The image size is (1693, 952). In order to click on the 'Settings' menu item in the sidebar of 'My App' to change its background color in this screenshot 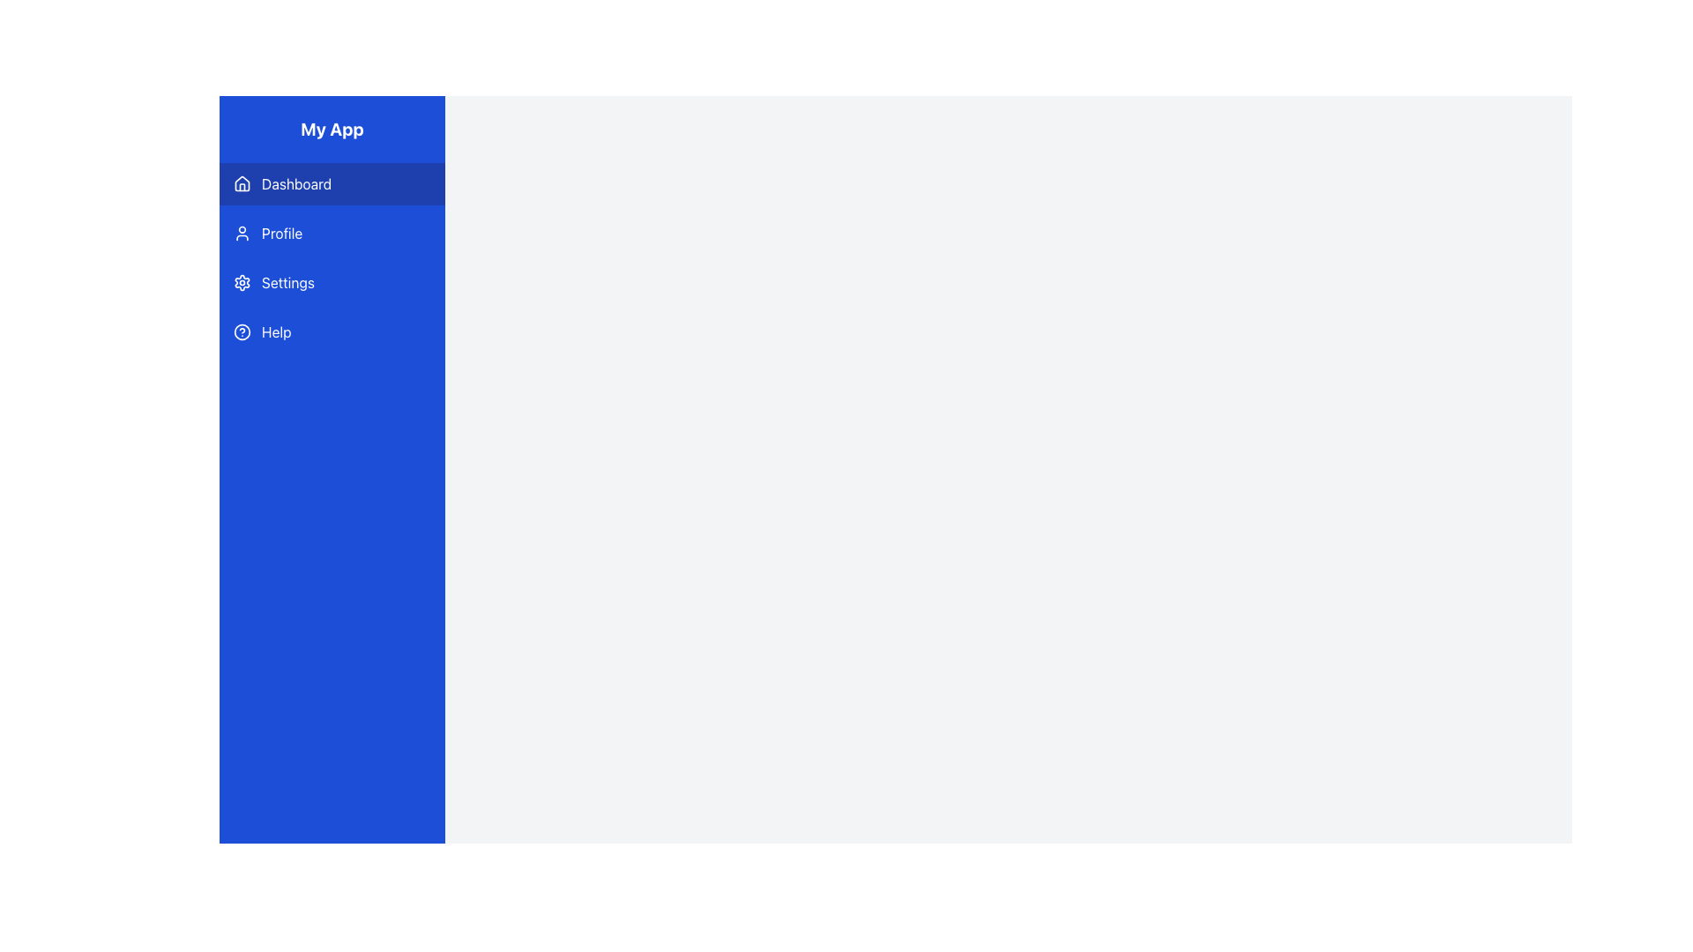, I will do `click(332, 281)`.